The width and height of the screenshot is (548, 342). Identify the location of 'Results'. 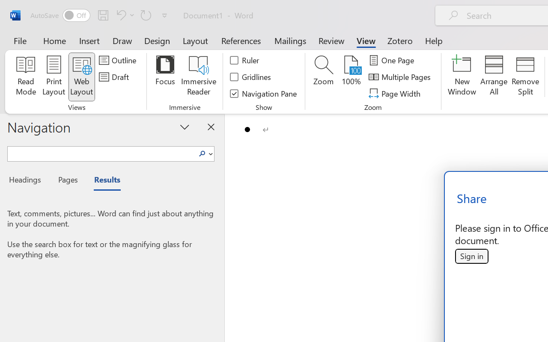
(103, 181).